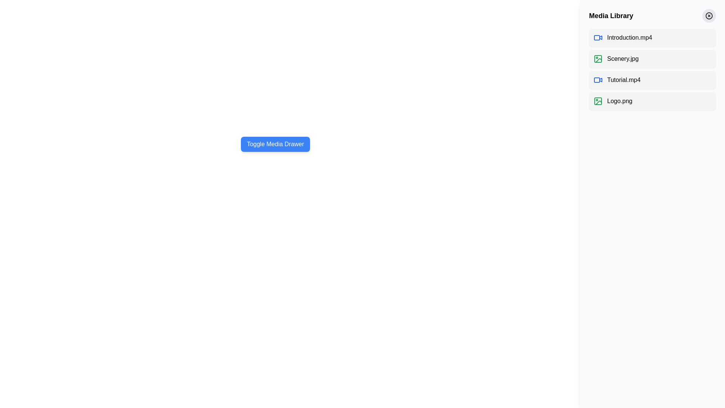  I want to click on the video icon representing 'Introduction.mp4' located at the beginning of the media item list in the Media Library, so click(598, 38).